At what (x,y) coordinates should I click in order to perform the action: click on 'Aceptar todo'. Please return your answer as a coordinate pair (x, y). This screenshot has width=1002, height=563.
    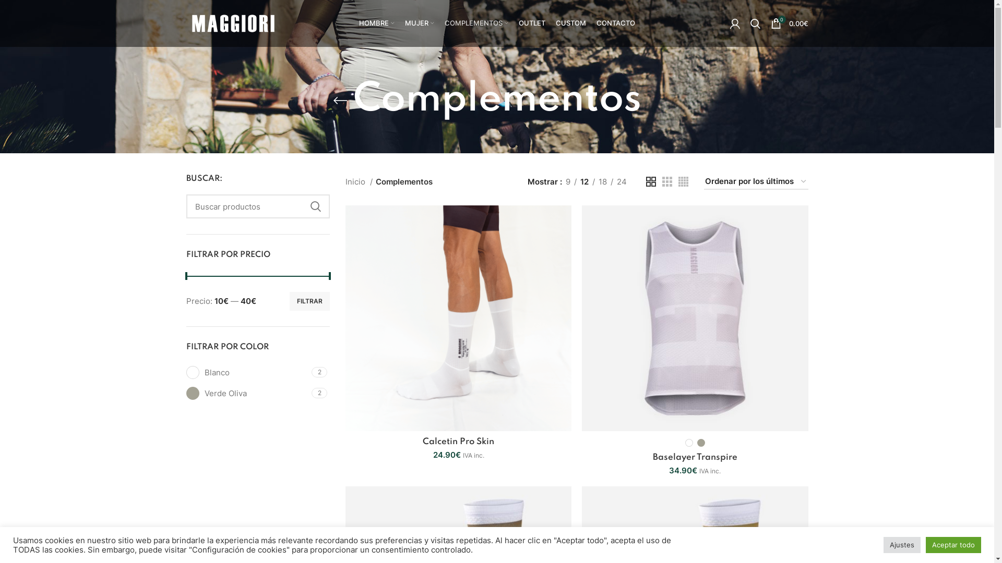
    Looking at the image, I should click on (926, 544).